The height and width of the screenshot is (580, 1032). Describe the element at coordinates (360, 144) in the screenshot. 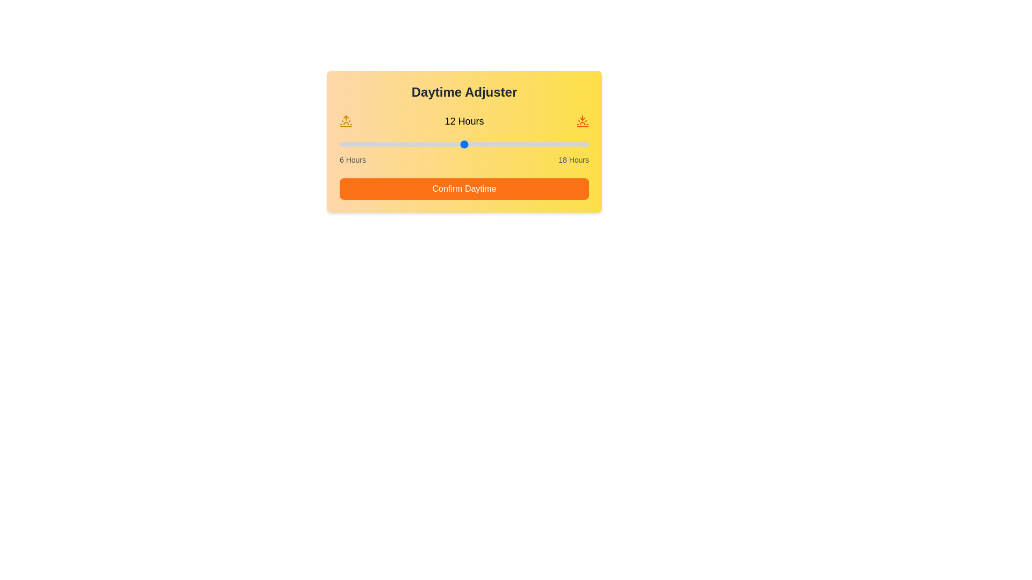

I see `the slider to set the daytime hours to 7` at that location.